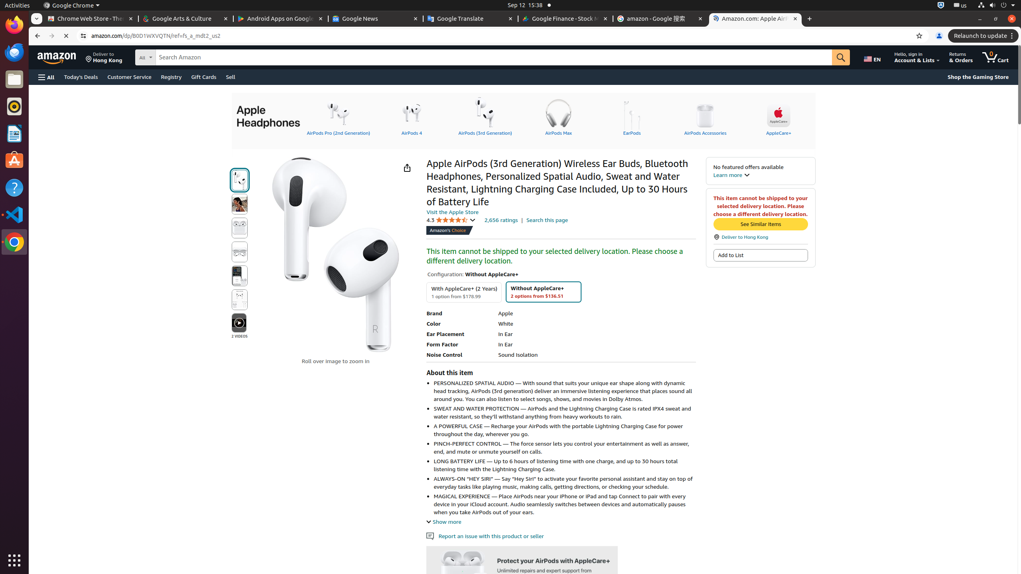 The height and width of the screenshot is (574, 1021). What do you see at coordinates (485, 536) in the screenshot?
I see `'Report an issue with this product or seller   Report an issue with this product or seller'` at bounding box center [485, 536].